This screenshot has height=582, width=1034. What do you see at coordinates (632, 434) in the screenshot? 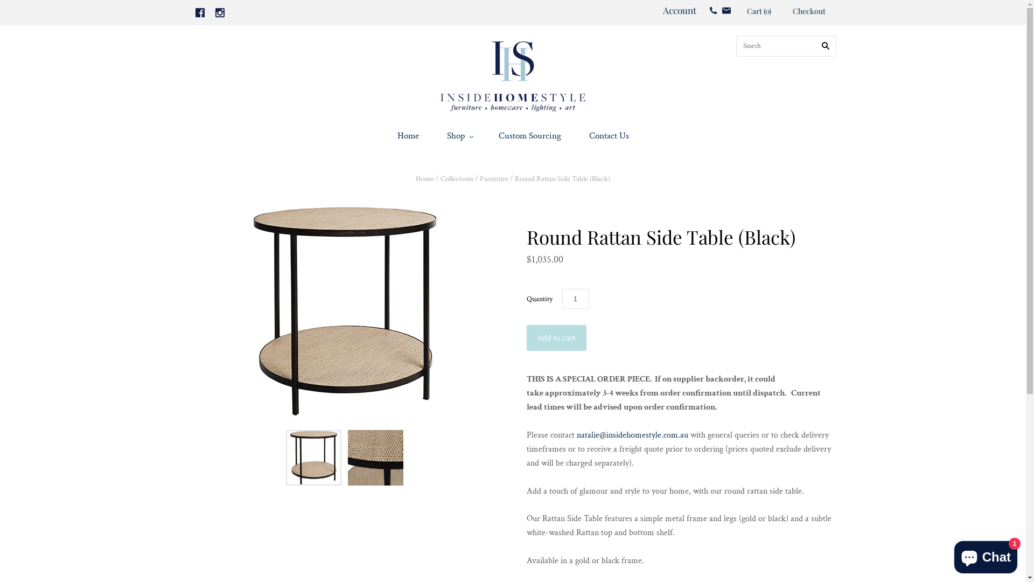
I see `'natalie@insidehomestyle.com.au'` at bounding box center [632, 434].